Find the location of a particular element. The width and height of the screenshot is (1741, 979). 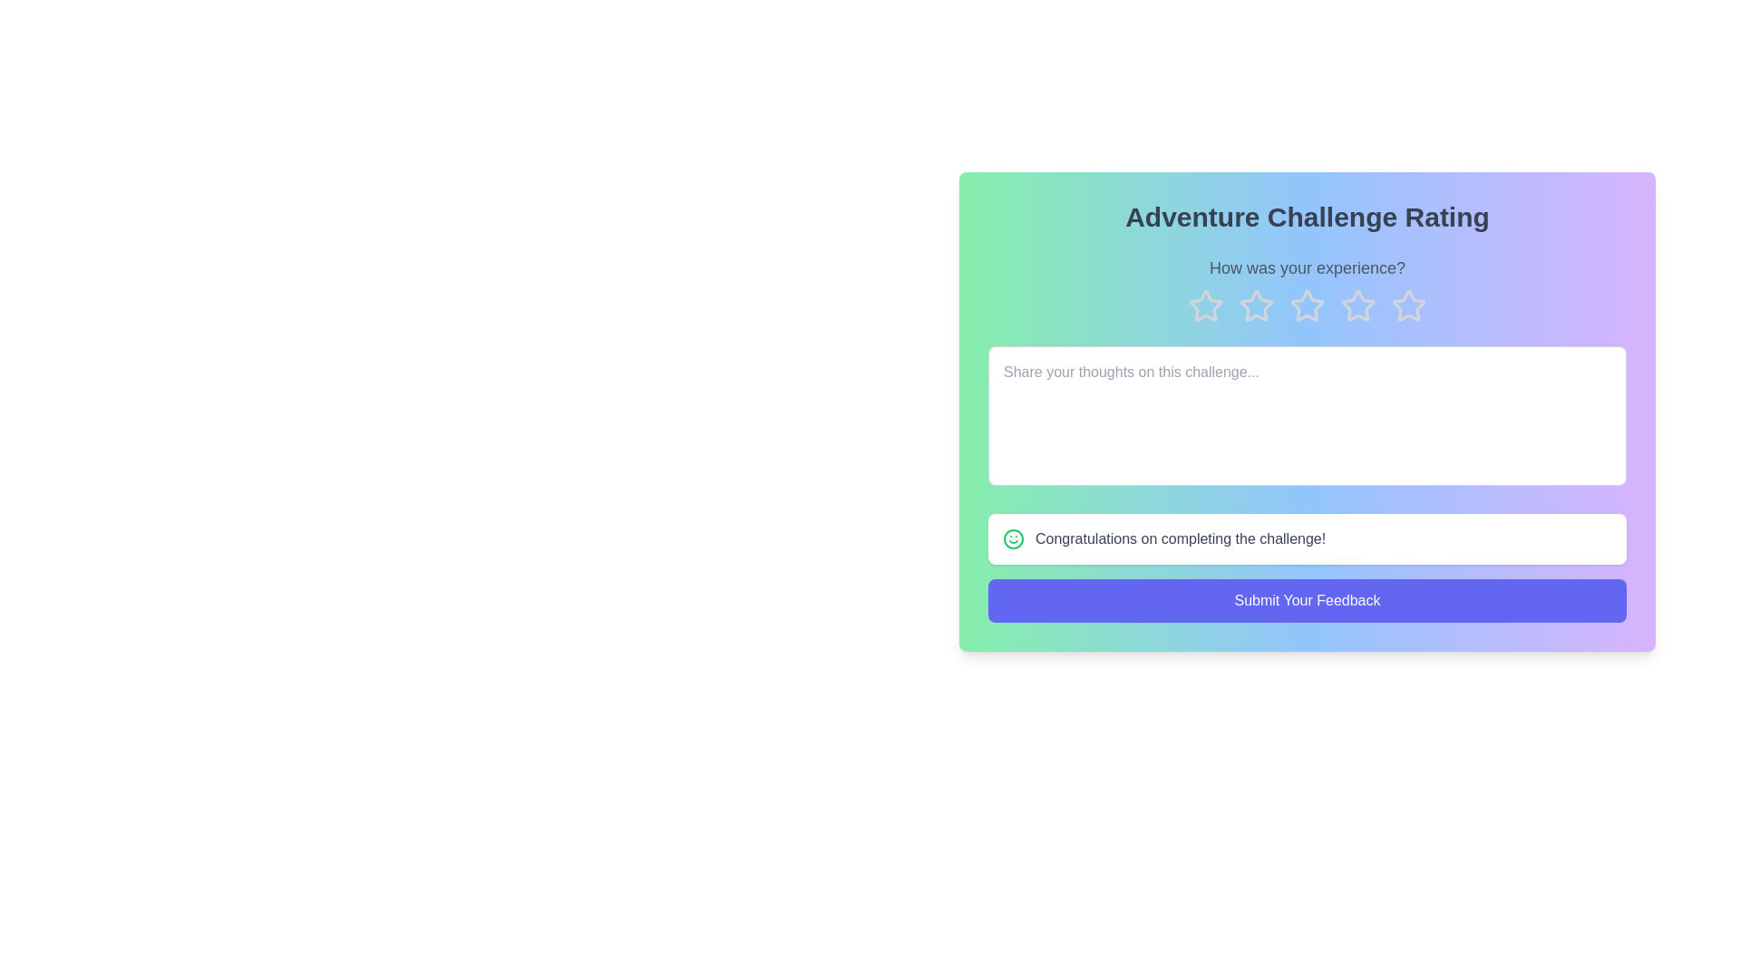

the third star-shaped interactive rating icon, which is outlined and located below the header 'How was your experience?' on the feedback form is located at coordinates (1307, 305).